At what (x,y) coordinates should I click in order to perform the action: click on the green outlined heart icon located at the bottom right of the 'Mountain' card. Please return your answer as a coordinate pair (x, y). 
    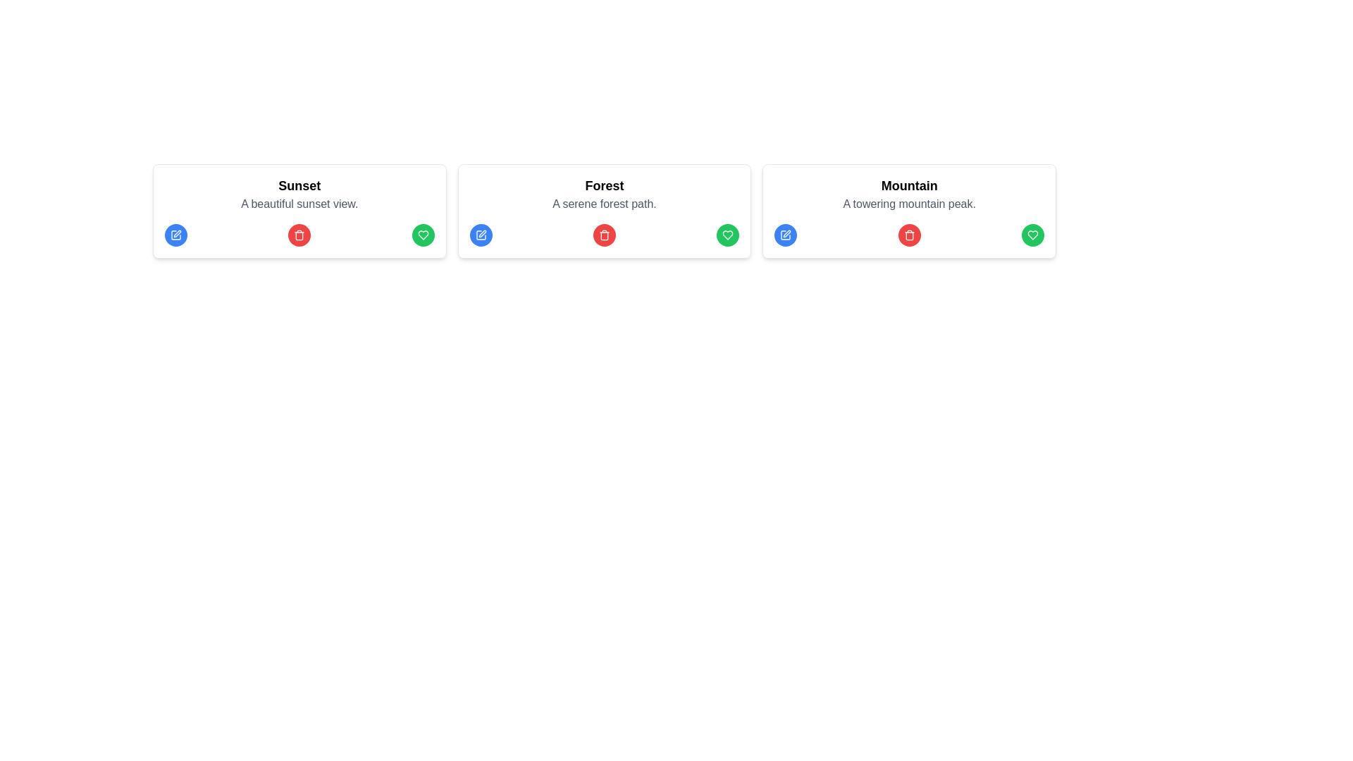
    Looking at the image, I should click on (1032, 235).